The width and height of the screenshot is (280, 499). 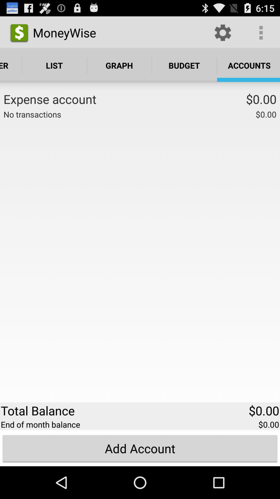 I want to click on icon above the total balance app, so click(x=32, y=114).